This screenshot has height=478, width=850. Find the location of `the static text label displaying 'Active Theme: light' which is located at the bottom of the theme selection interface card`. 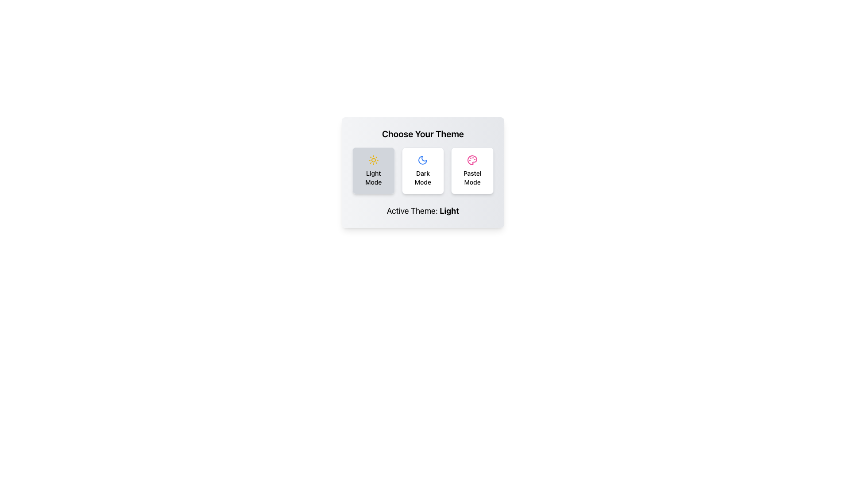

the static text label displaying 'Active Theme: light' which is located at the bottom of the theme selection interface card is located at coordinates (422, 211).